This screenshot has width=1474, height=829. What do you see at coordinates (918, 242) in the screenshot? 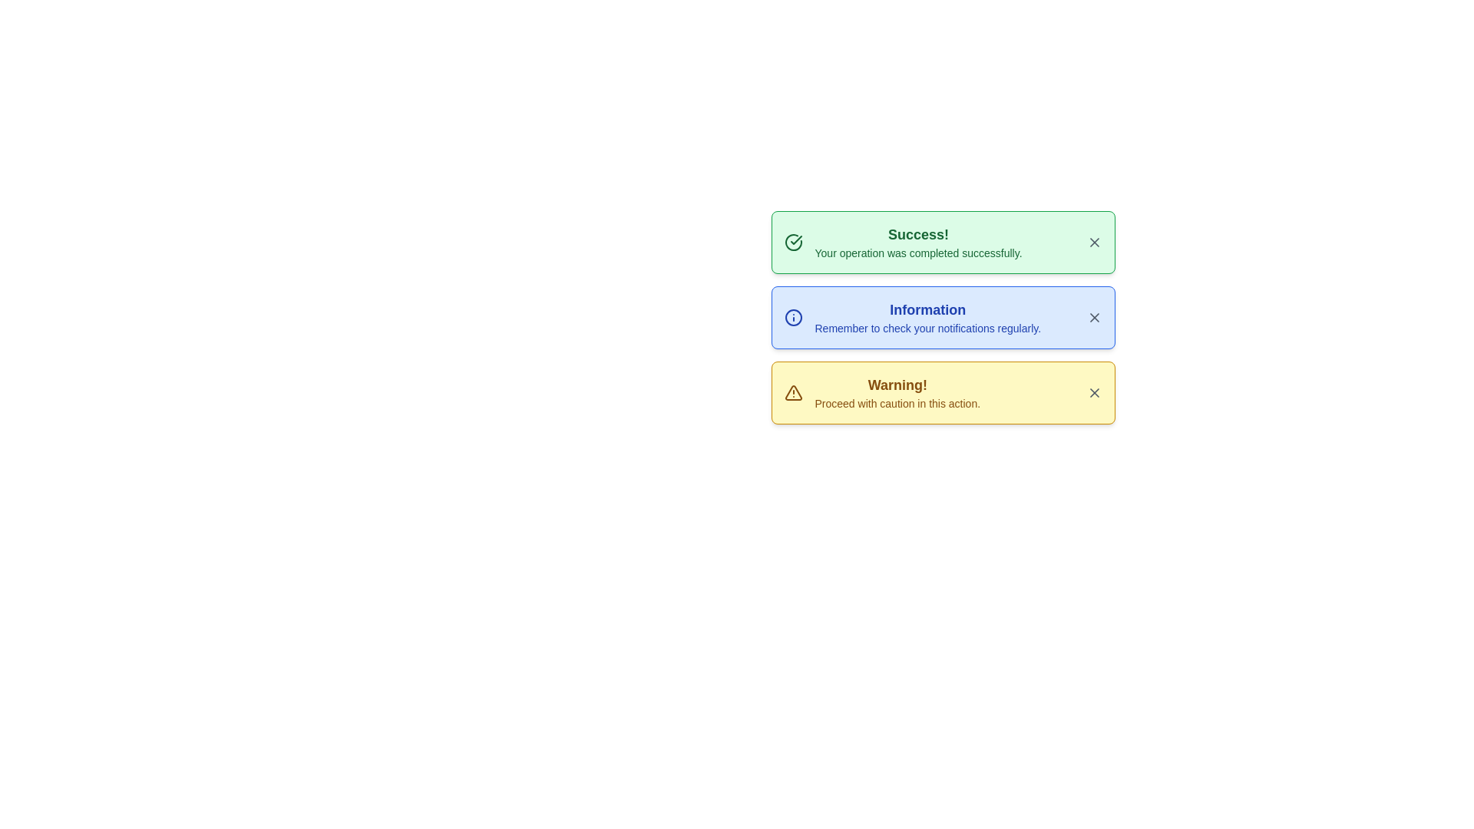
I see `the central Text component of the green notification message box, which confirms successful completion of a user operation` at bounding box center [918, 242].